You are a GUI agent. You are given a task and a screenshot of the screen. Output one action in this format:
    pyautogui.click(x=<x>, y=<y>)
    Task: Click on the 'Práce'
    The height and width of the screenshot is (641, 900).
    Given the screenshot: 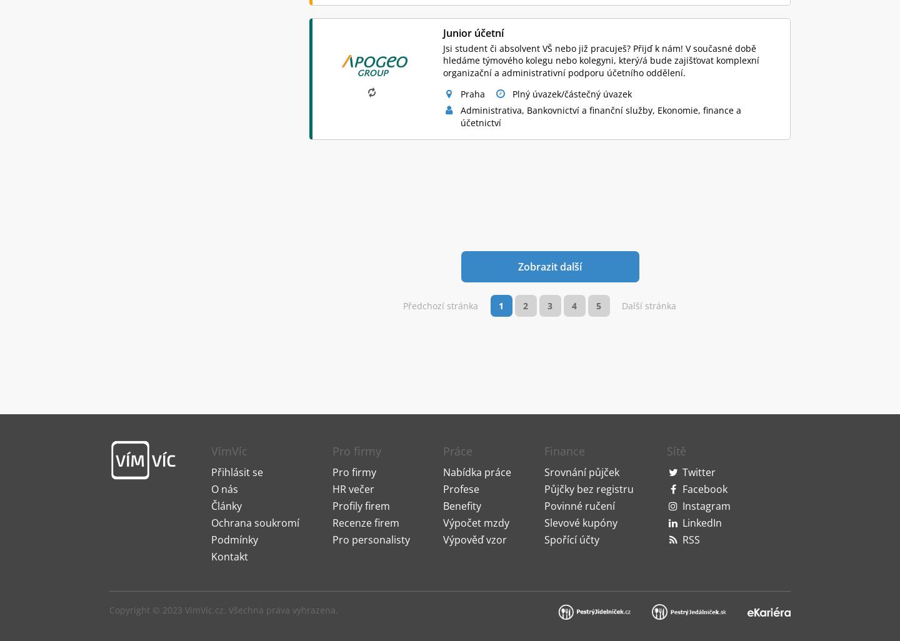 What is the action you would take?
    pyautogui.click(x=443, y=306)
    